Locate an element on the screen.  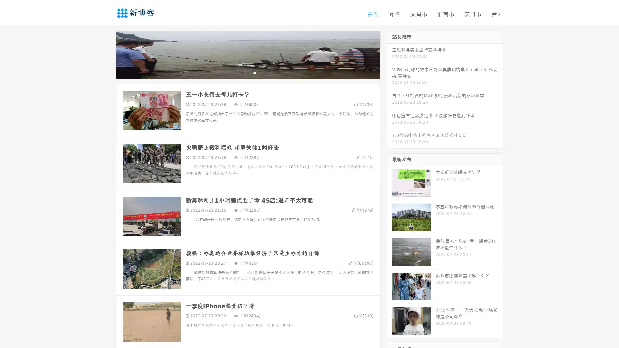
Go to slide 3 is located at coordinates (254, 72).